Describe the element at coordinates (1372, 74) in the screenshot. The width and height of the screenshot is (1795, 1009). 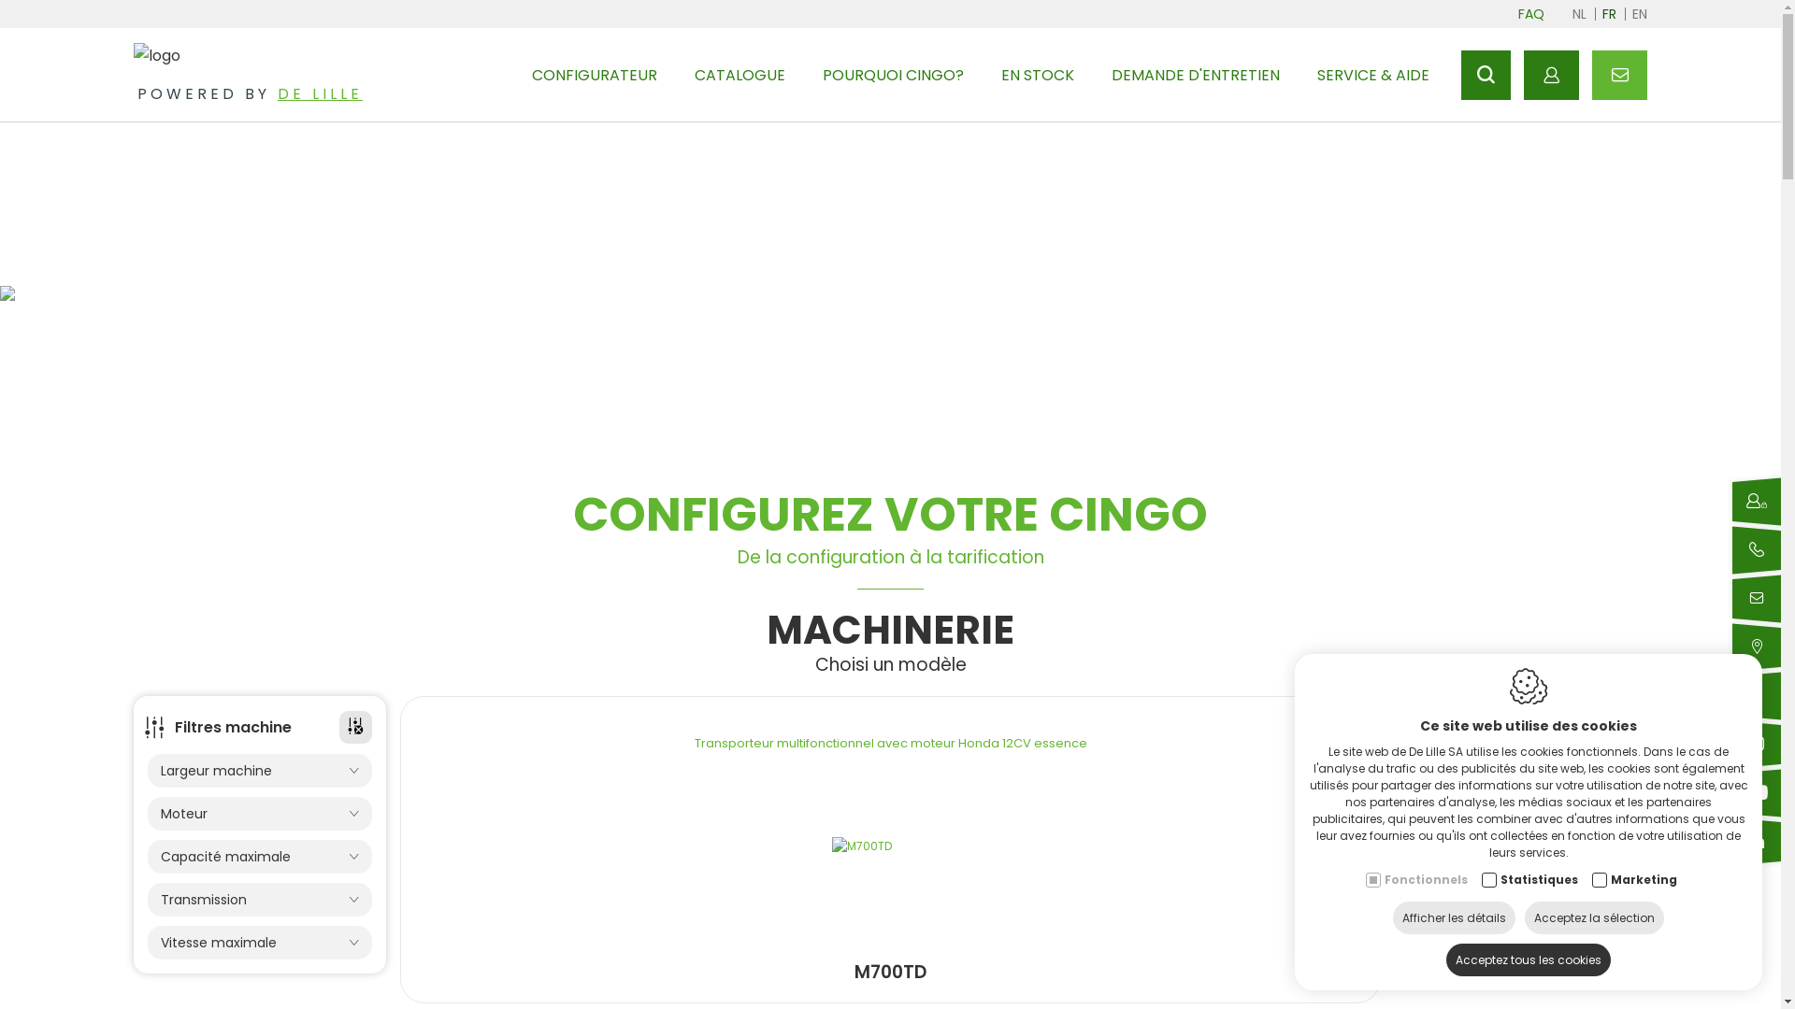
I see `'SERVICE & AIDE'` at that location.